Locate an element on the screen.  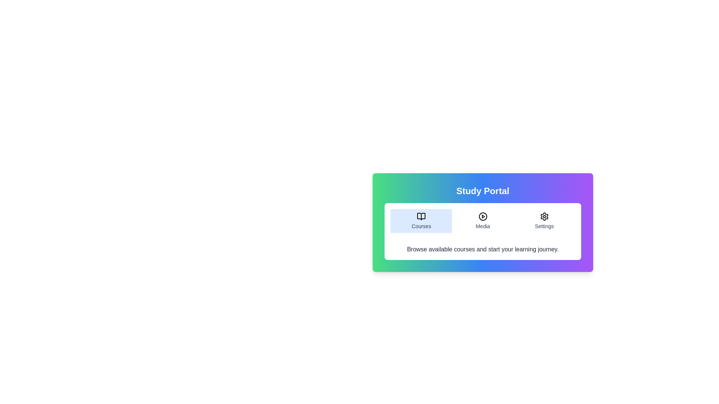
the Media tab to read its content is located at coordinates (483, 220).